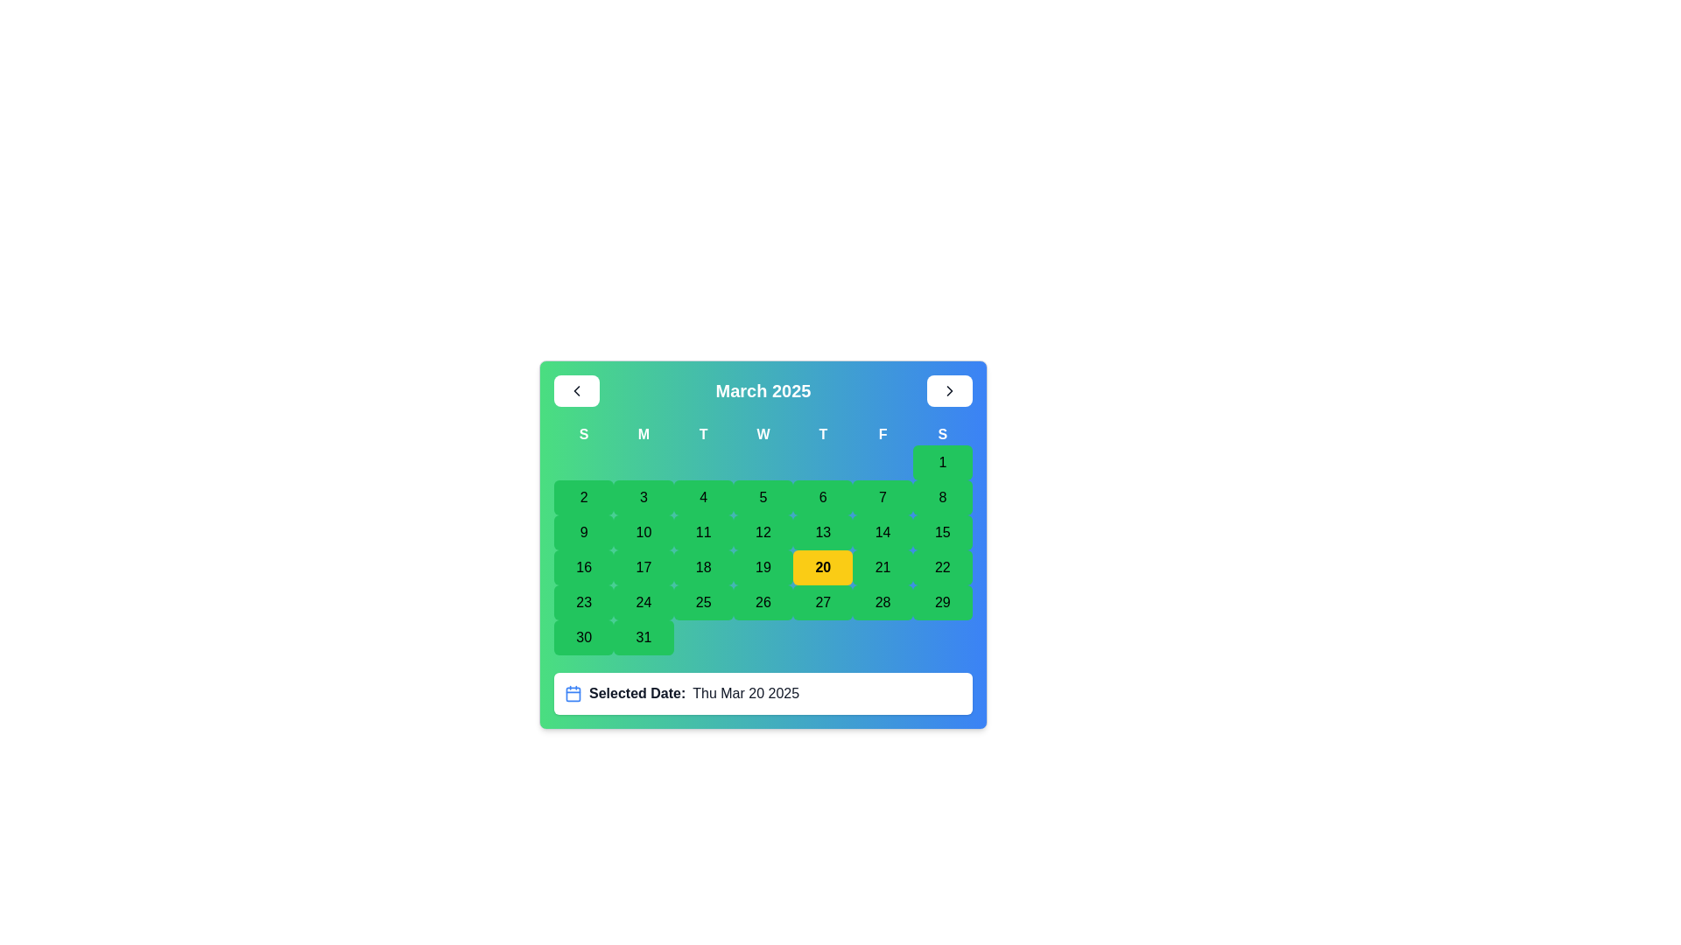  I want to click on the date button for March 18, 2025, located in the third row and fourth column of the calendar grid, so click(703, 567).